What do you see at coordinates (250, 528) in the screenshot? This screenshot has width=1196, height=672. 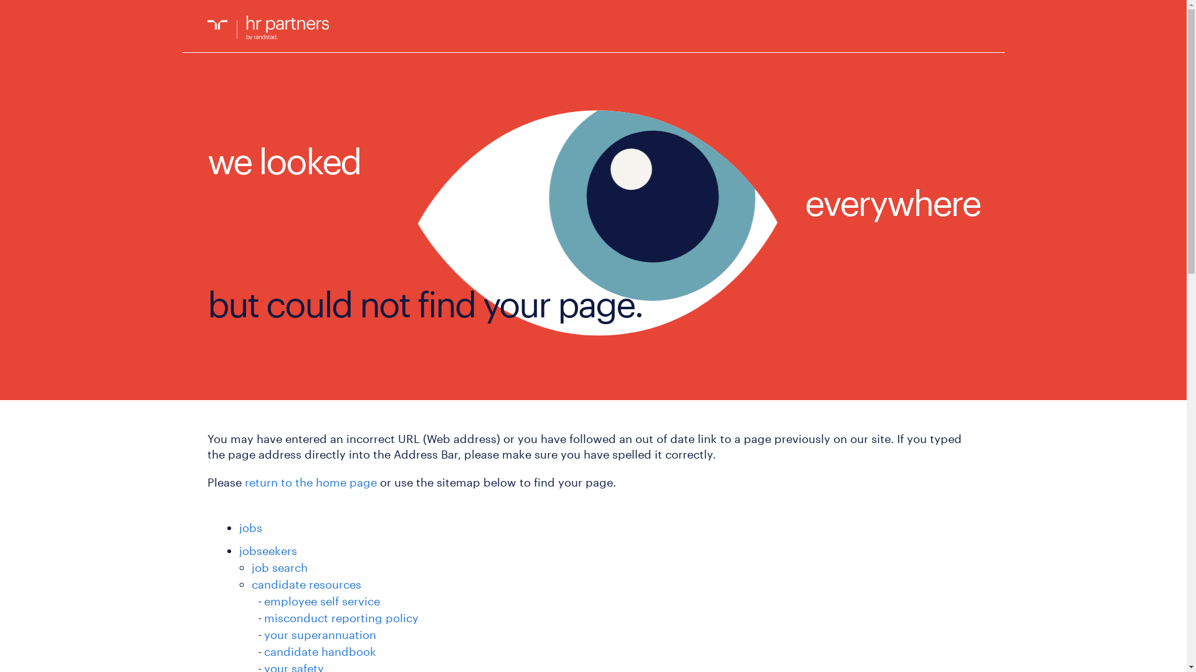 I see `'jobs'` at bounding box center [250, 528].